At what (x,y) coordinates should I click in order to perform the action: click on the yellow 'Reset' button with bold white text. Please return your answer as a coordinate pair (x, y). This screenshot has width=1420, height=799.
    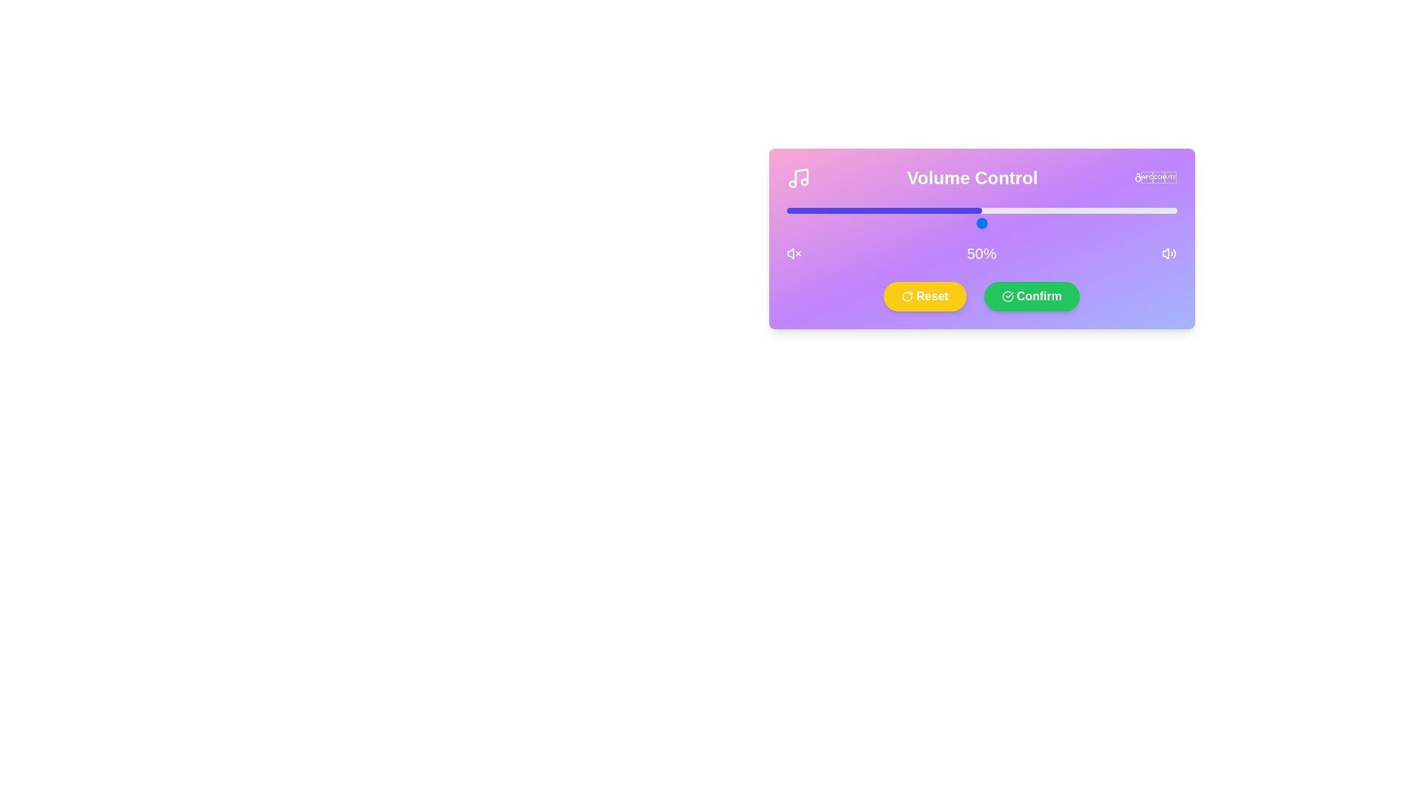
    Looking at the image, I should click on (924, 297).